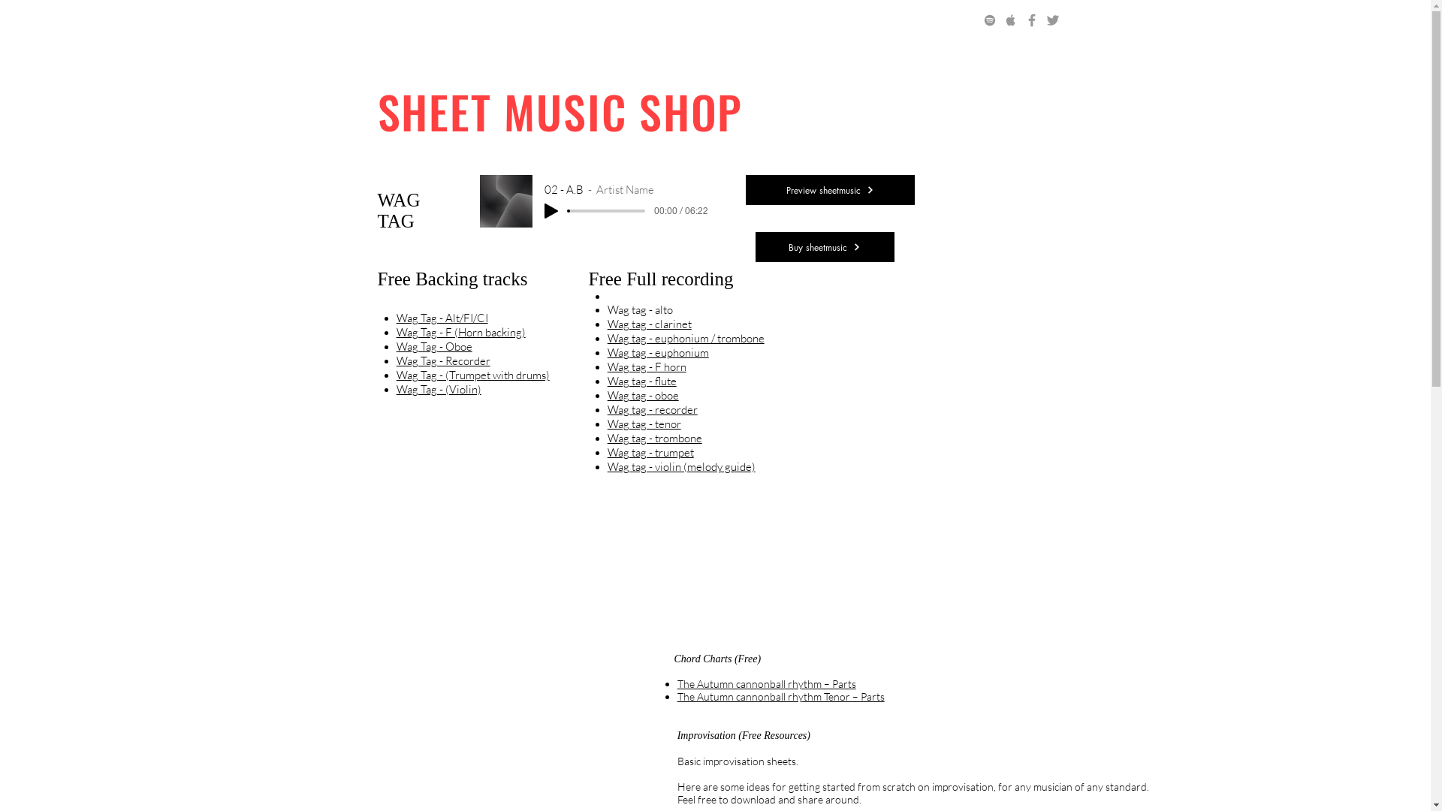 The image size is (1442, 811). Describe the element at coordinates (658, 352) in the screenshot. I see `'Wag tag - euphonium'` at that location.